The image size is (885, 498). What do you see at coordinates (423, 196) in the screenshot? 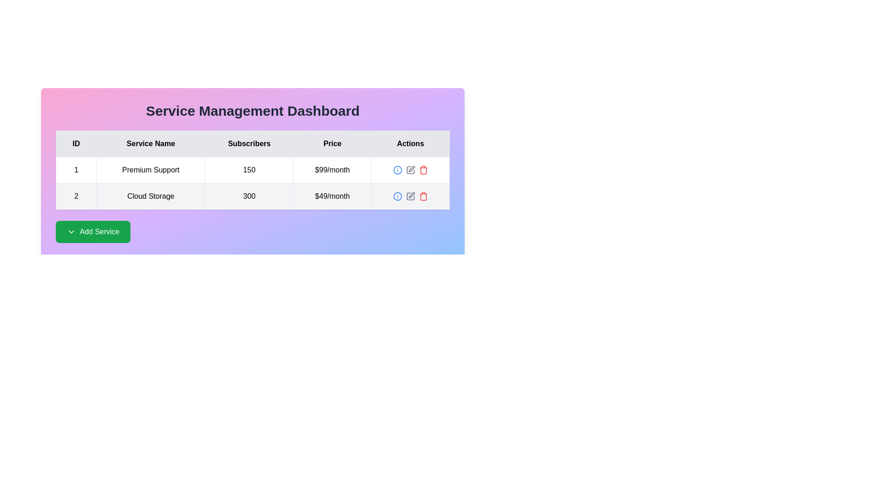
I see `the red trash icon button located in the 'Actions' column of the second row in the table to initiate a delete action` at bounding box center [423, 196].